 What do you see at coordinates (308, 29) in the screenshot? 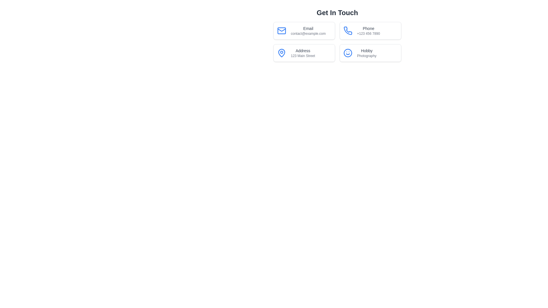
I see `the label that indicates the email address, which is positioned above the text element 'contact@example.com' within the email contact card` at bounding box center [308, 29].